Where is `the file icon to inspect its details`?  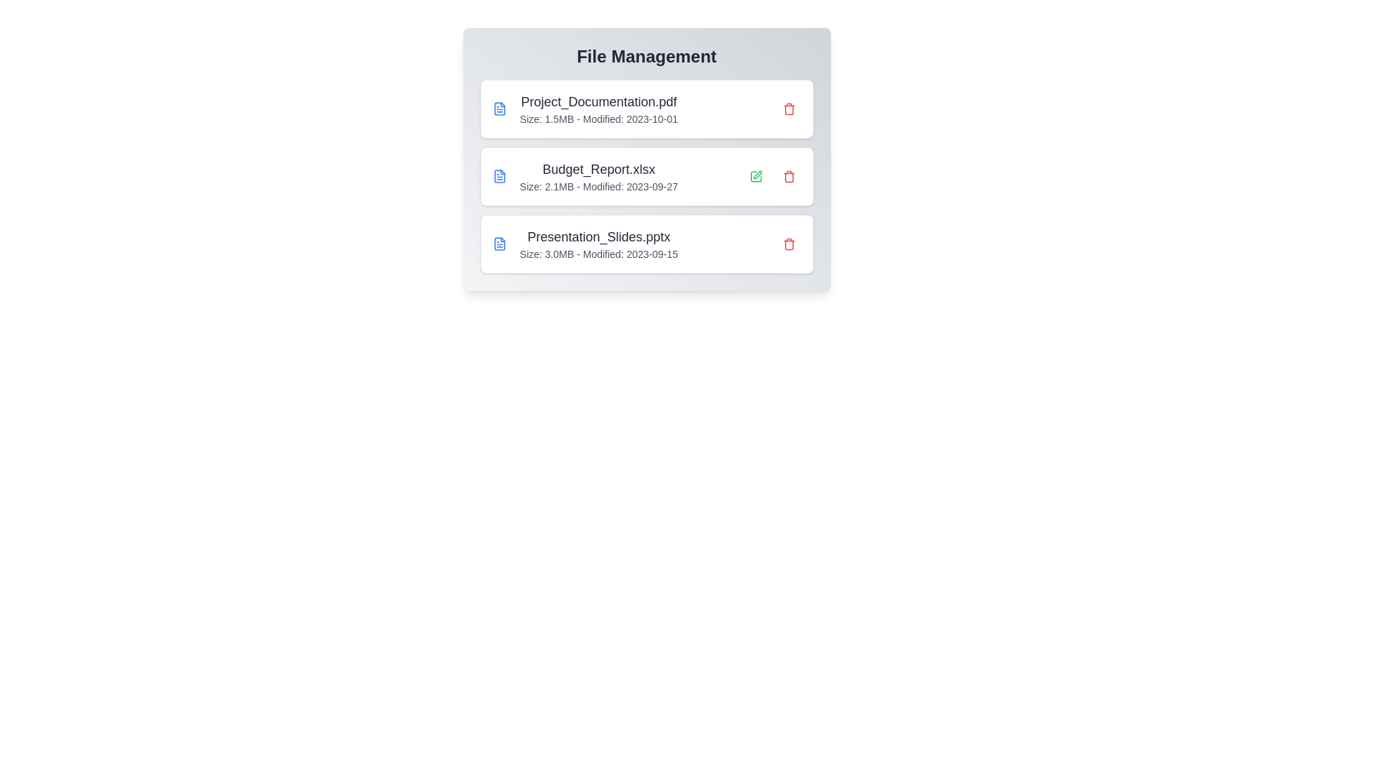 the file icon to inspect its details is located at coordinates (499, 108).